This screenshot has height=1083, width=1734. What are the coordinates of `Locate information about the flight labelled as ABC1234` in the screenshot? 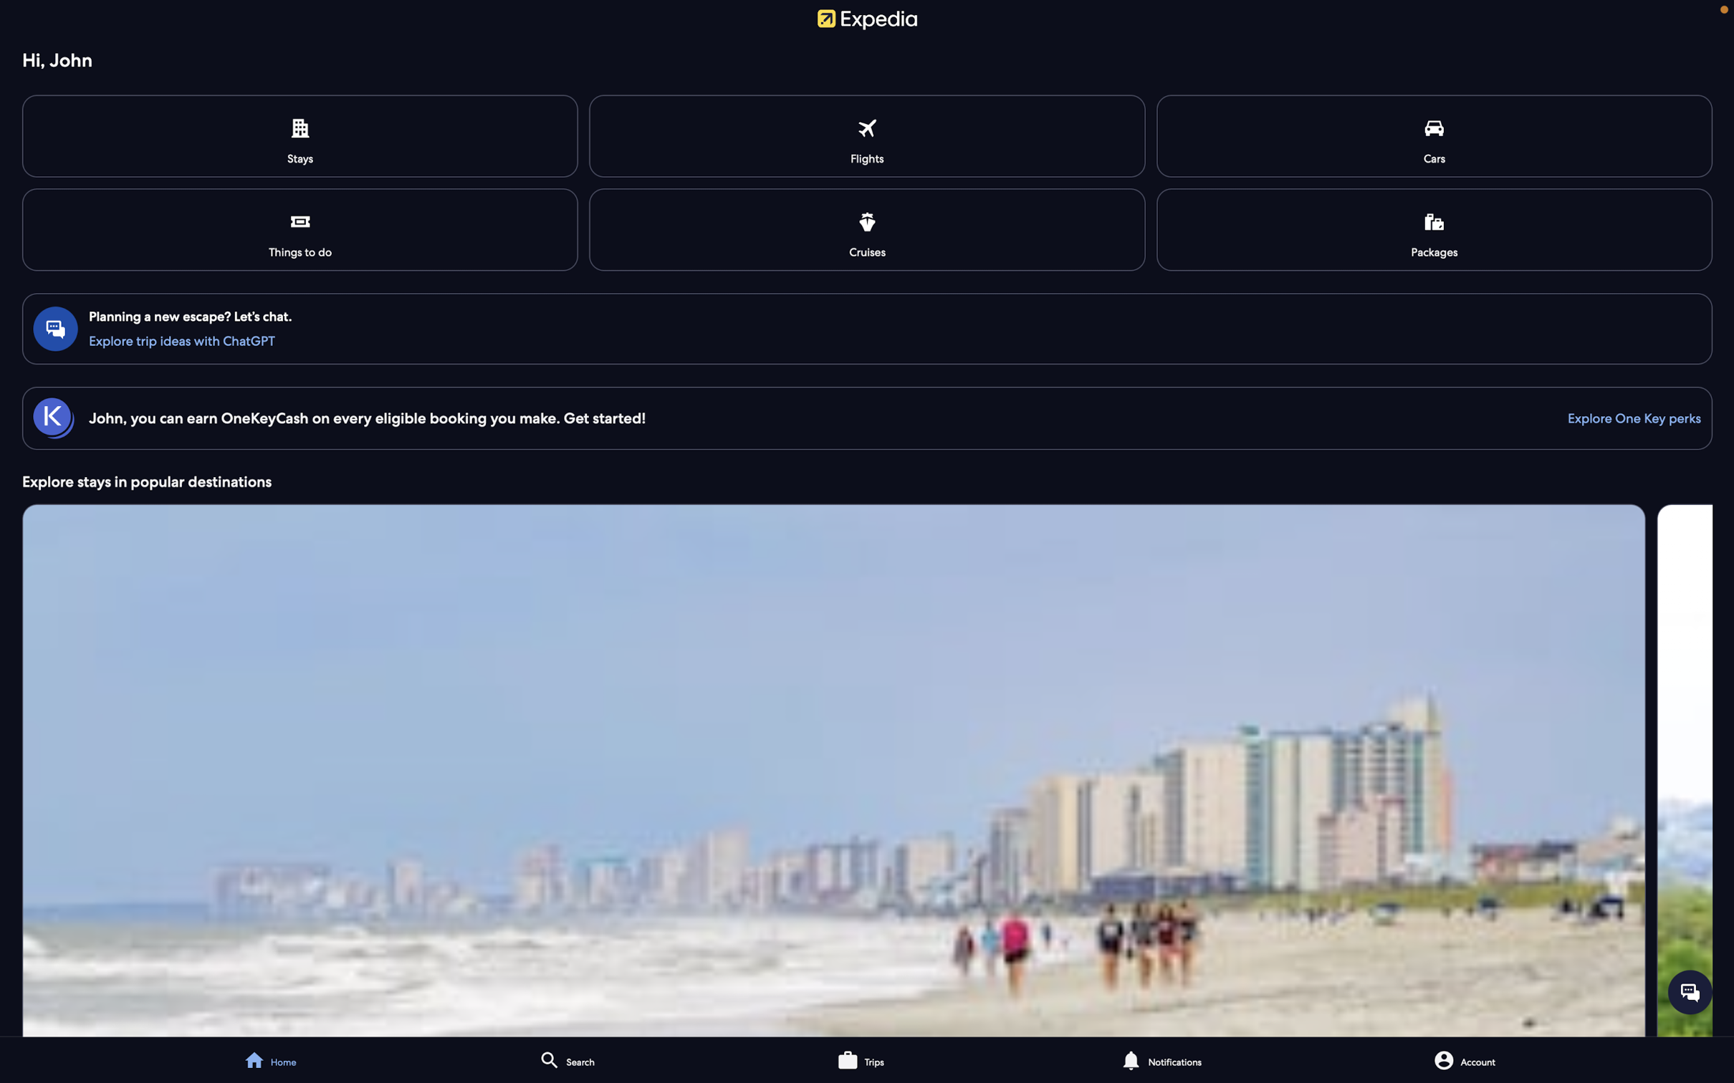 It's located at (868, 136).